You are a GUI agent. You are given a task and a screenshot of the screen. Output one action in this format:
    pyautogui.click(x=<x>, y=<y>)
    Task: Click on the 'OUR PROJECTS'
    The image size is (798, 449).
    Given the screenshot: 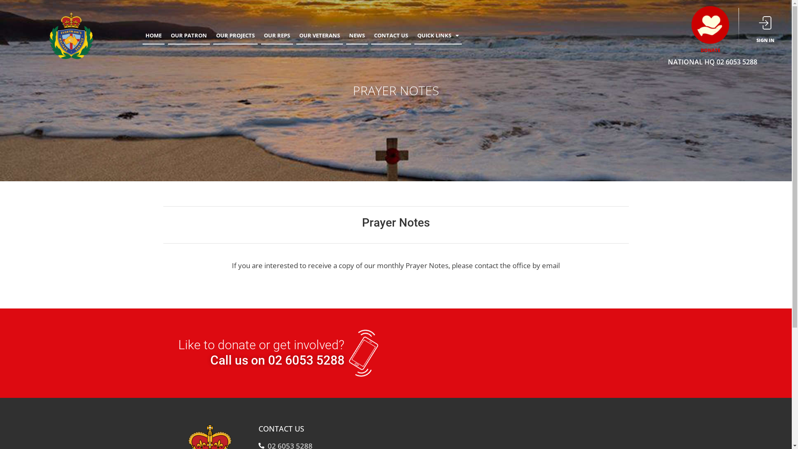 What is the action you would take?
    pyautogui.click(x=235, y=35)
    